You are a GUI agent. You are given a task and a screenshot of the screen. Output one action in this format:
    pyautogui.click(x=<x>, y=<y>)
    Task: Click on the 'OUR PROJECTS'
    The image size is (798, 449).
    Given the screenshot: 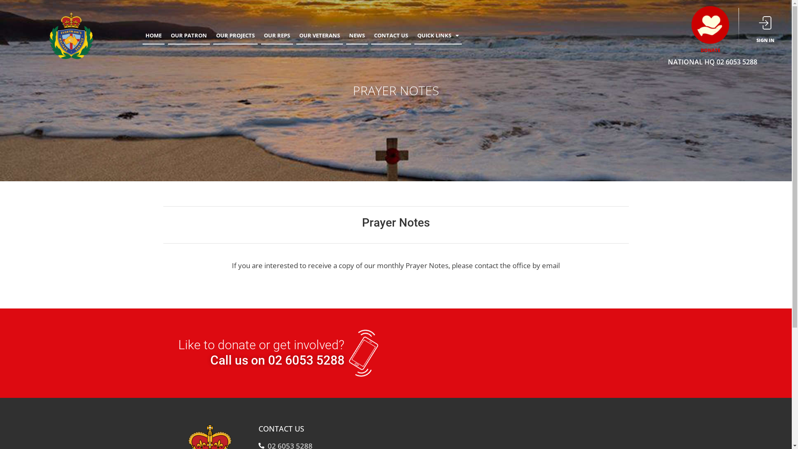 What is the action you would take?
    pyautogui.click(x=235, y=35)
    